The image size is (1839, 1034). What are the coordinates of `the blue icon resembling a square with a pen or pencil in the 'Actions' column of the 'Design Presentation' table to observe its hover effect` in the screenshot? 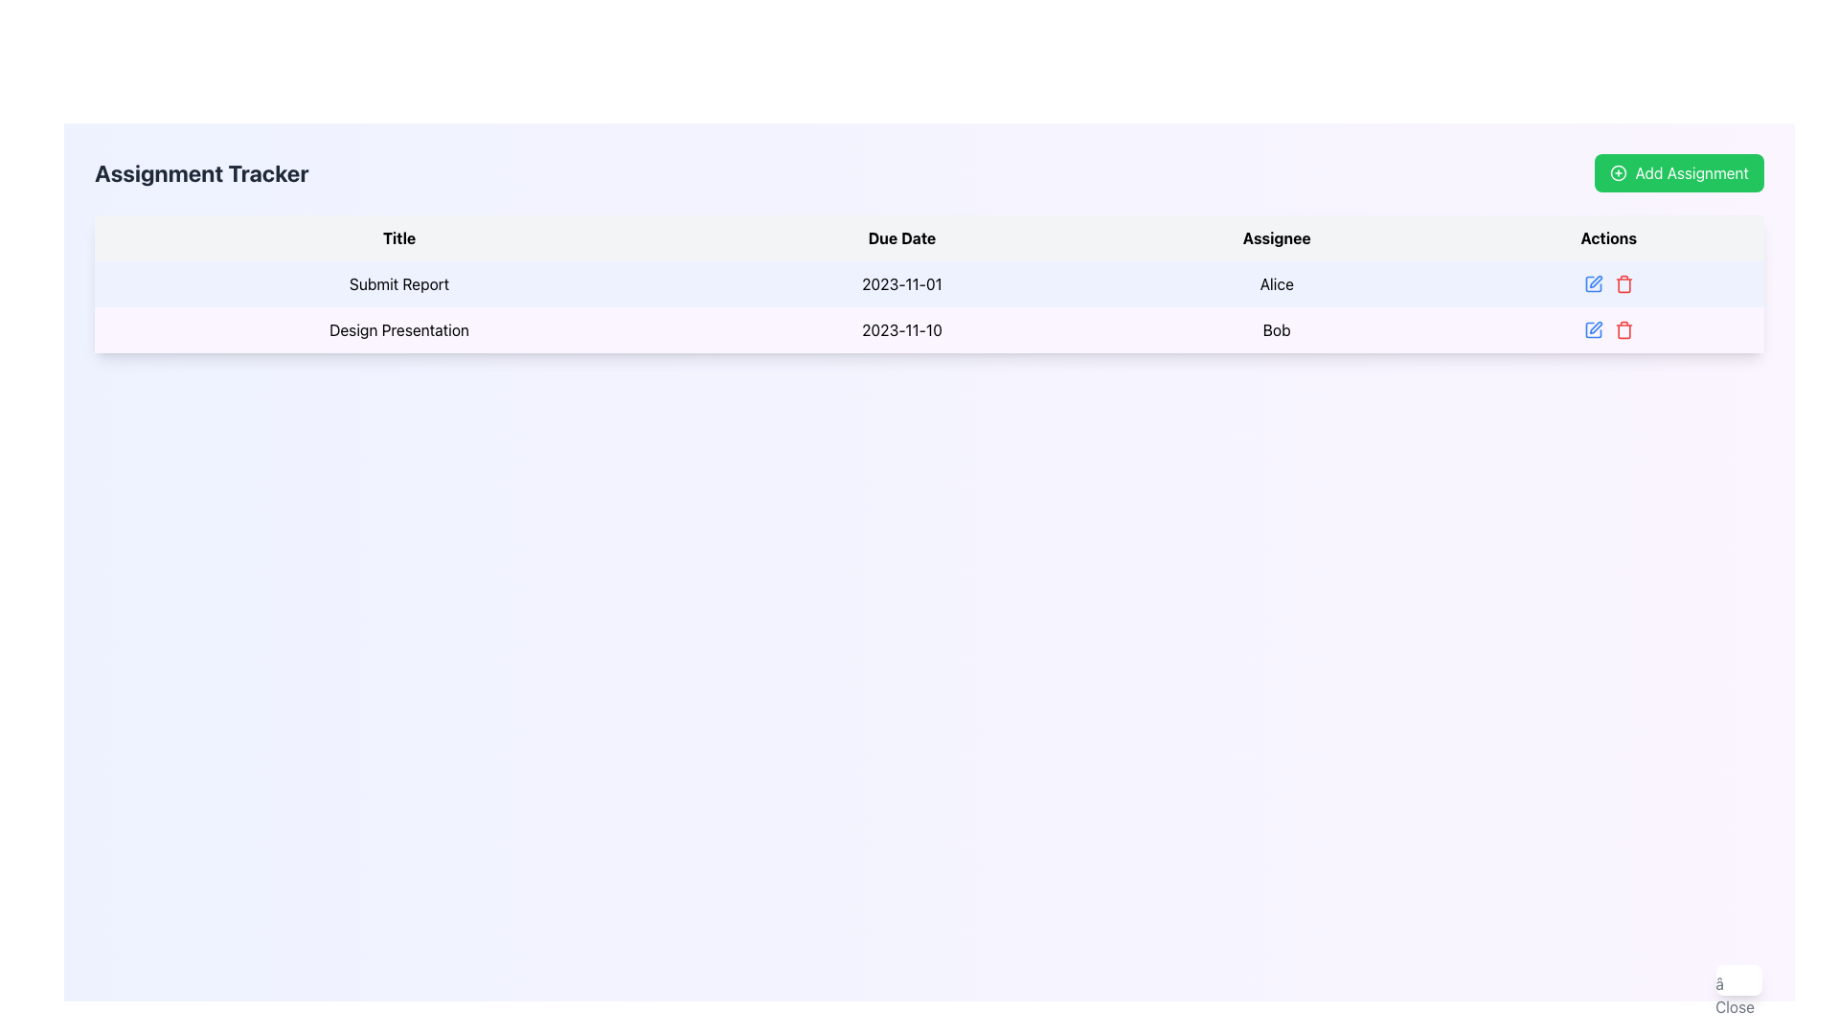 It's located at (1593, 328).